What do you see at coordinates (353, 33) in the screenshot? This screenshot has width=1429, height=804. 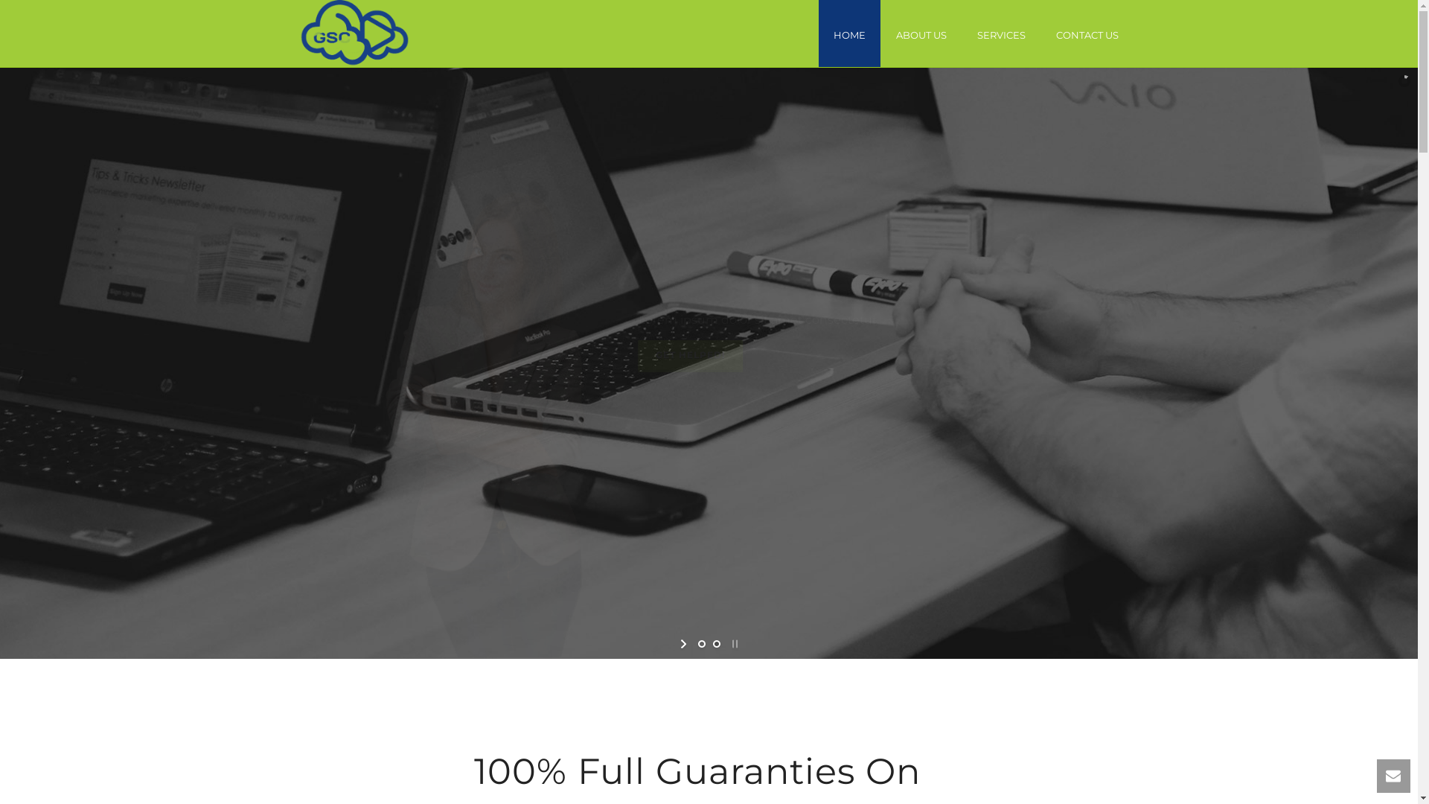 I see `'Just another WordPress site'` at bounding box center [353, 33].